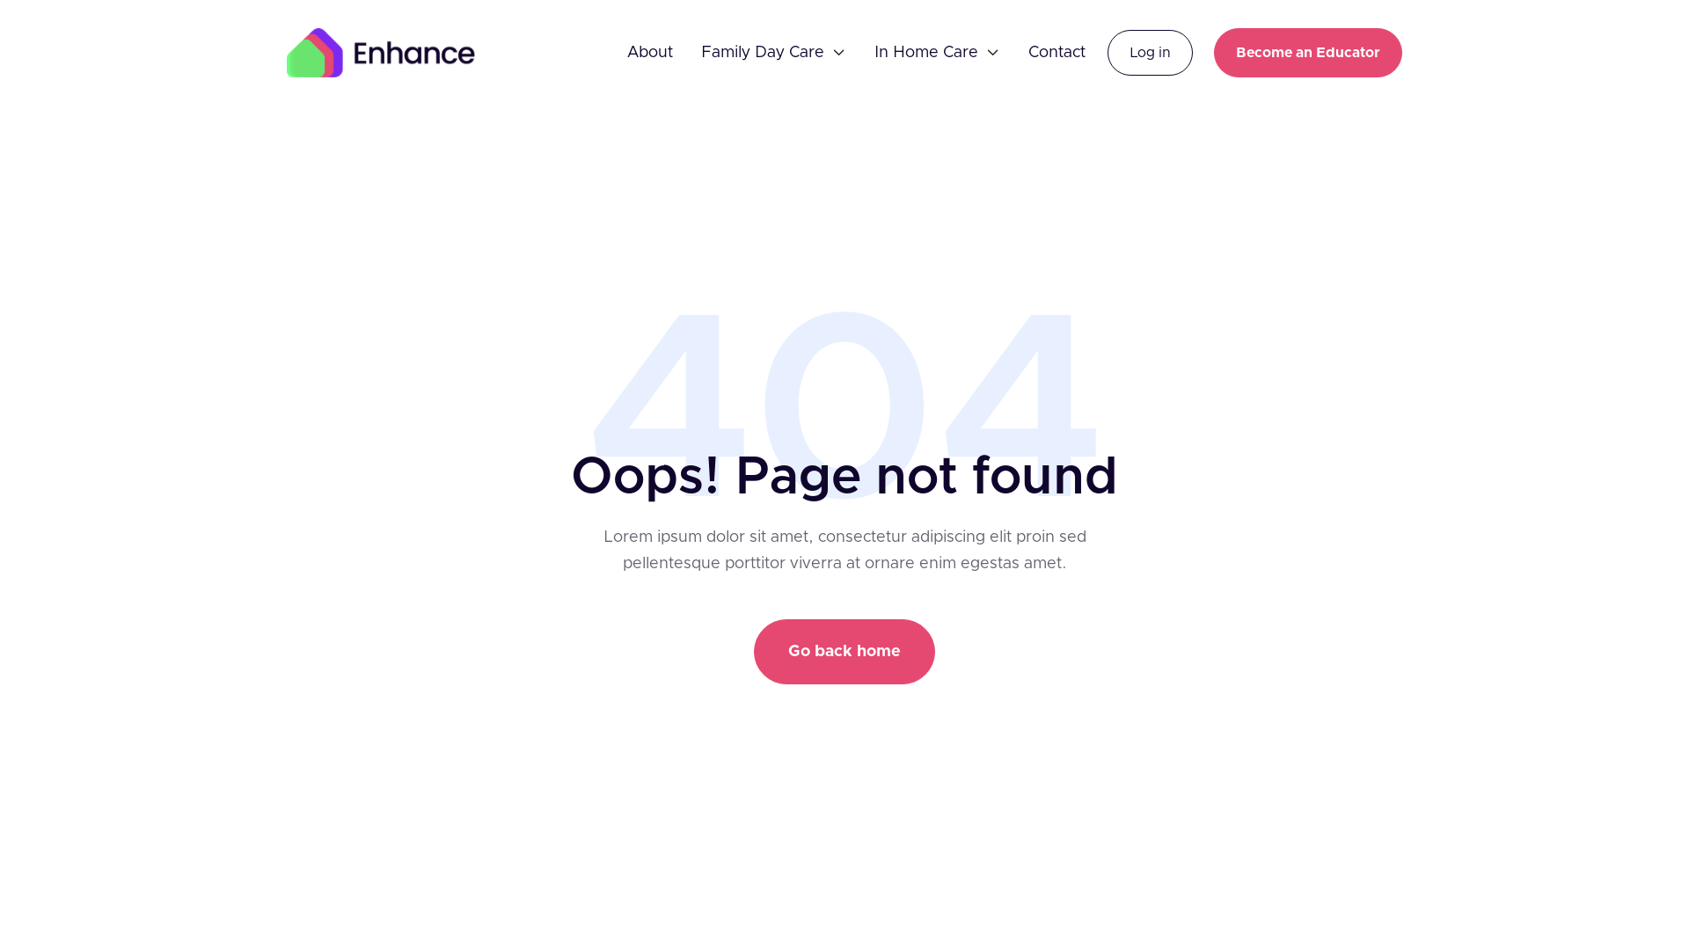  What do you see at coordinates (925, 52) in the screenshot?
I see `'In Home Care'` at bounding box center [925, 52].